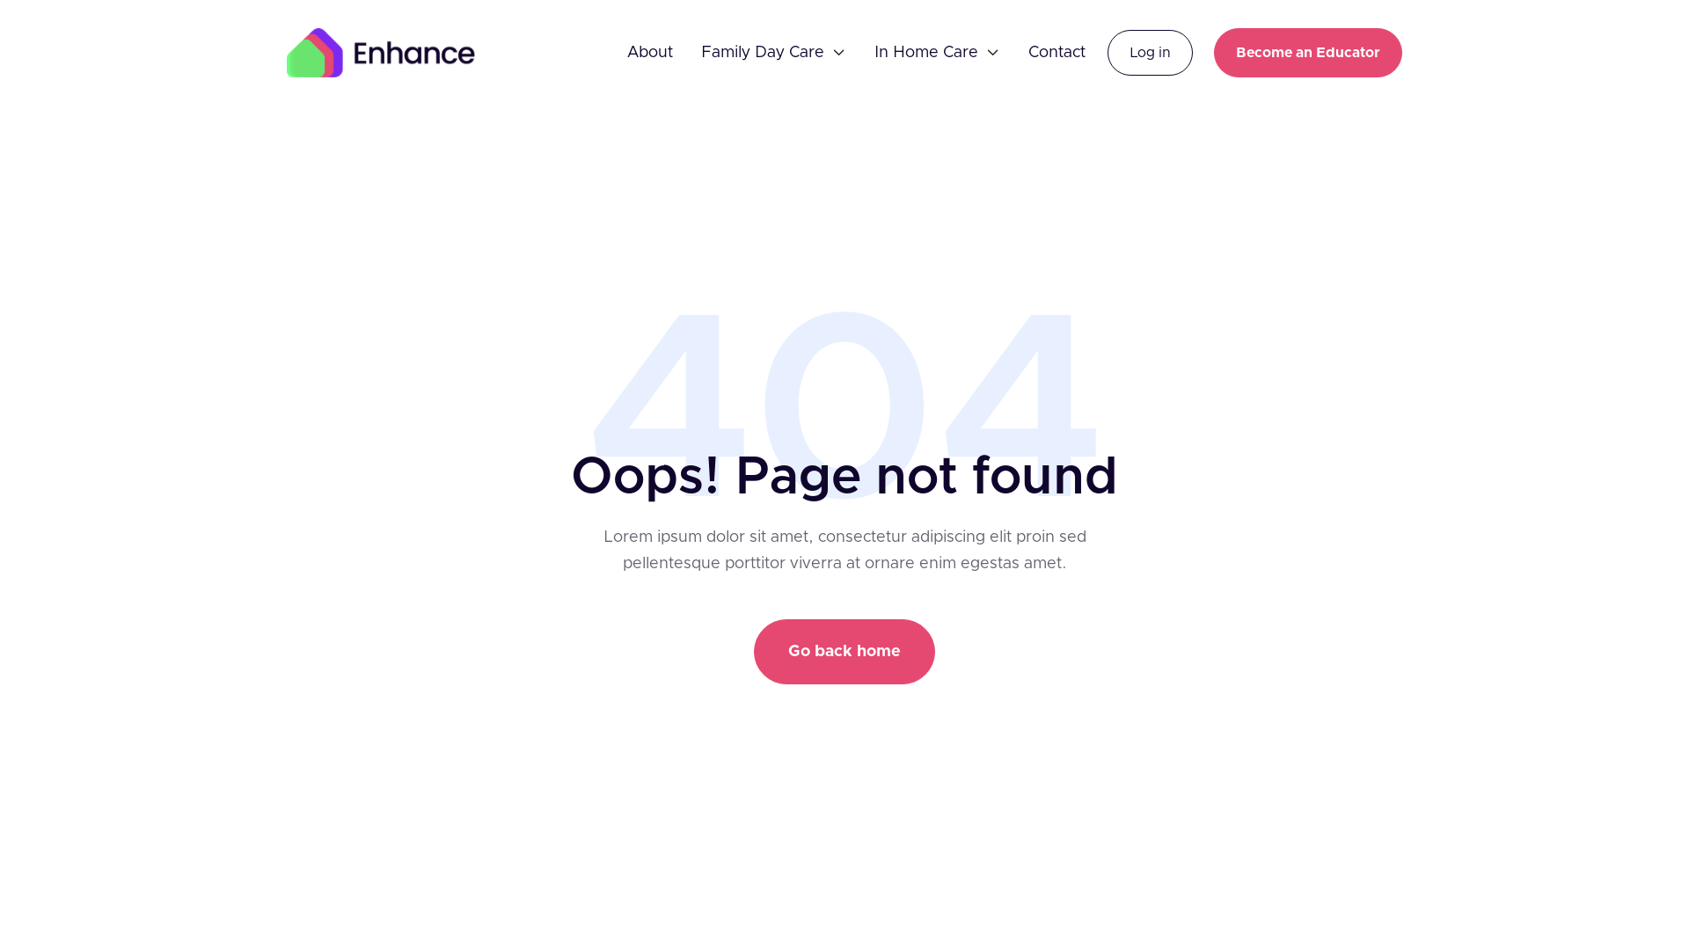  What do you see at coordinates (925, 52) in the screenshot?
I see `'In Home Care'` at bounding box center [925, 52].